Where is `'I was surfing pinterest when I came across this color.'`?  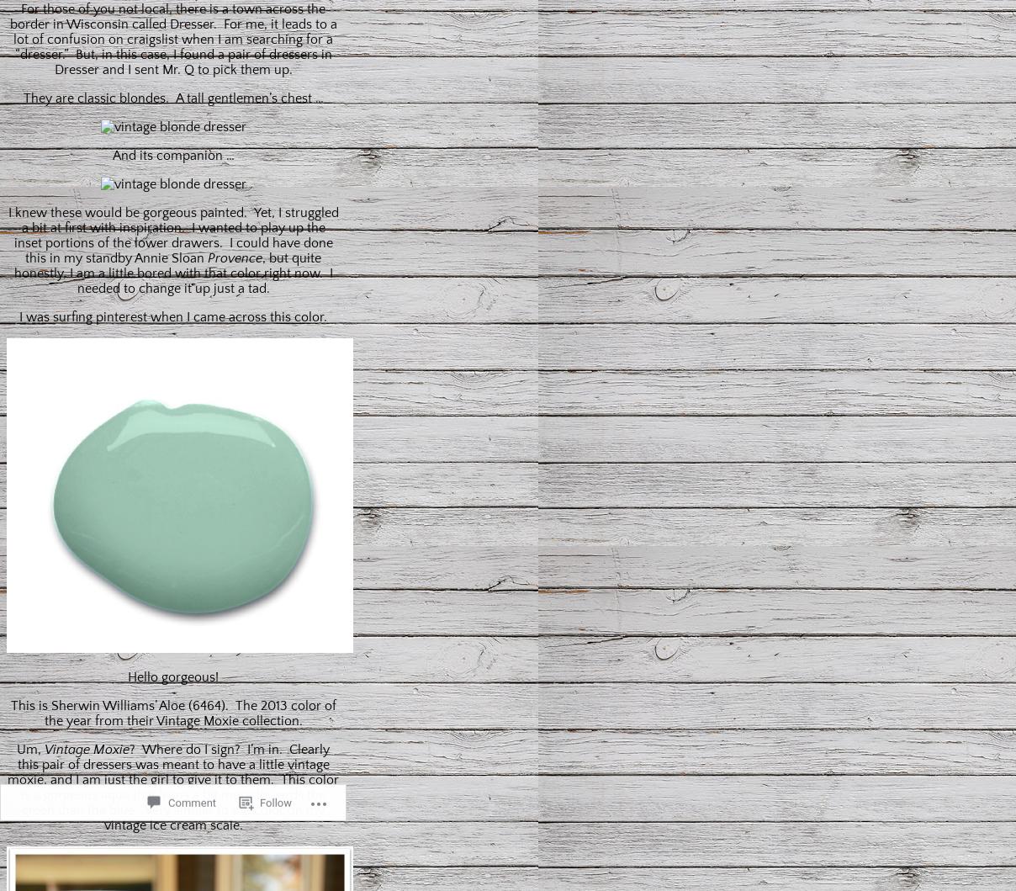
'I was surfing pinterest when I came across this color.' is located at coordinates (172, 316).